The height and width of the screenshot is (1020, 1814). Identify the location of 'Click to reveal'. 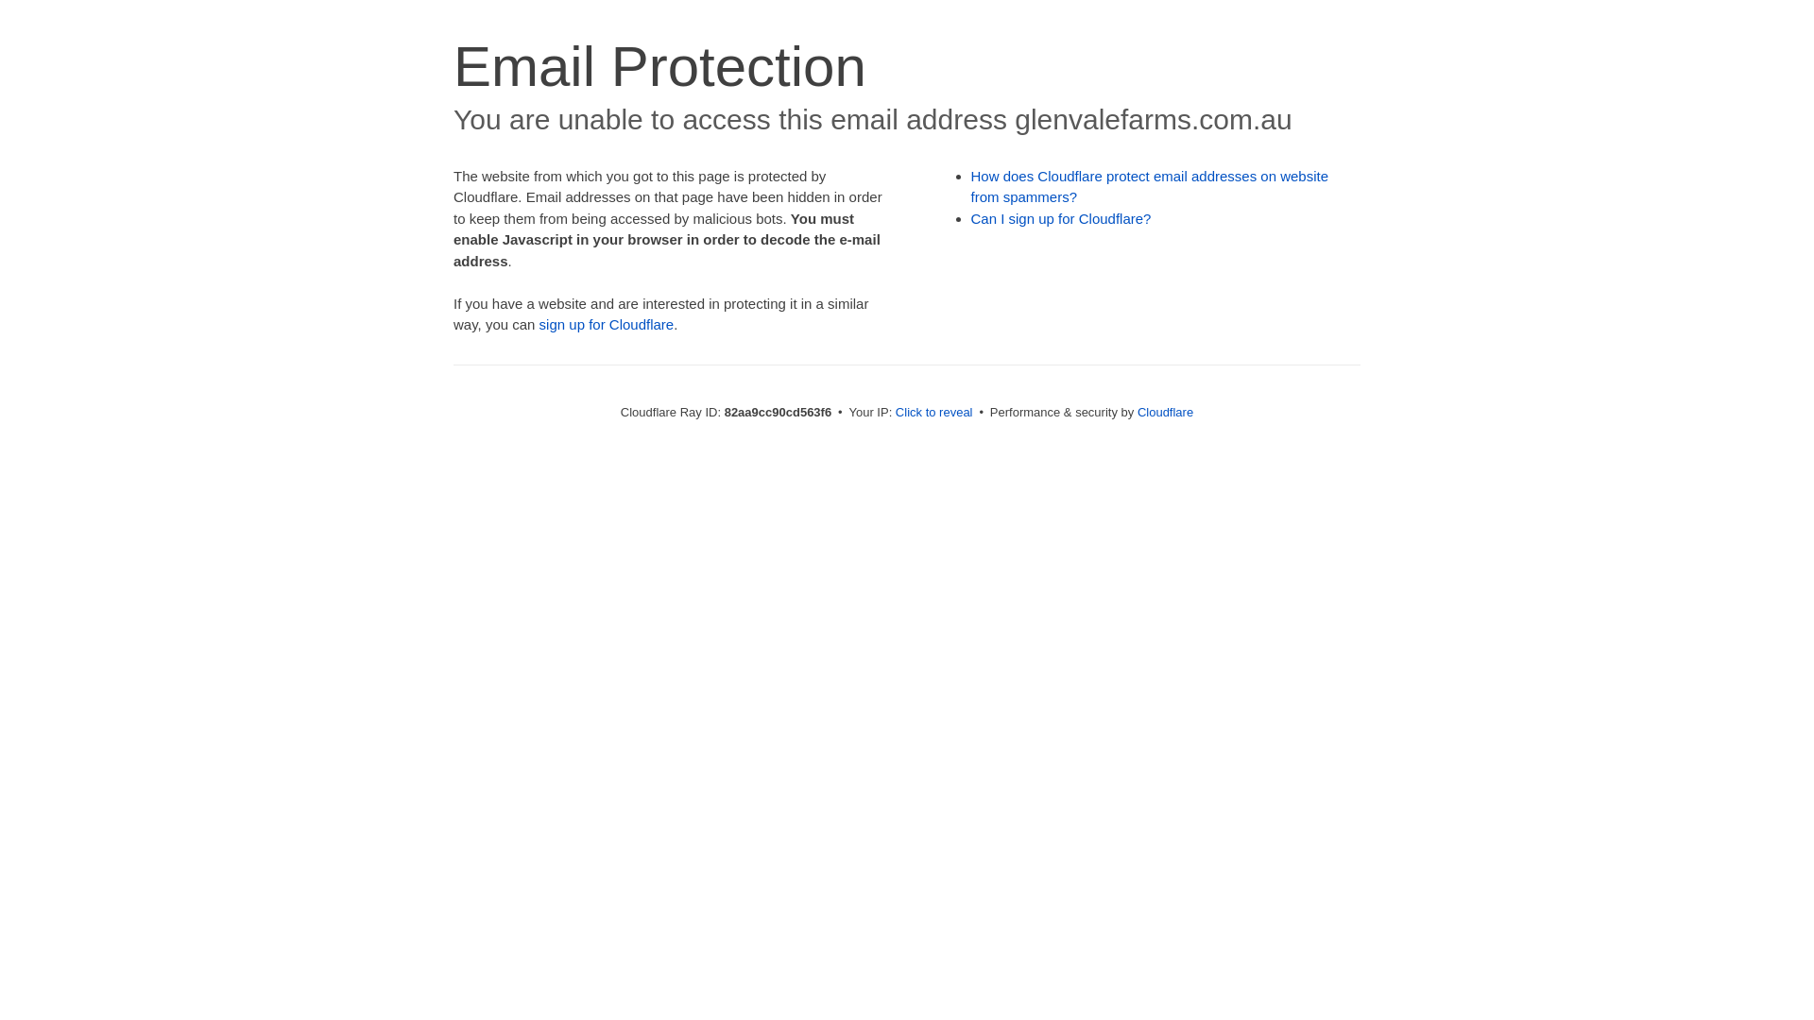
(933, 411).